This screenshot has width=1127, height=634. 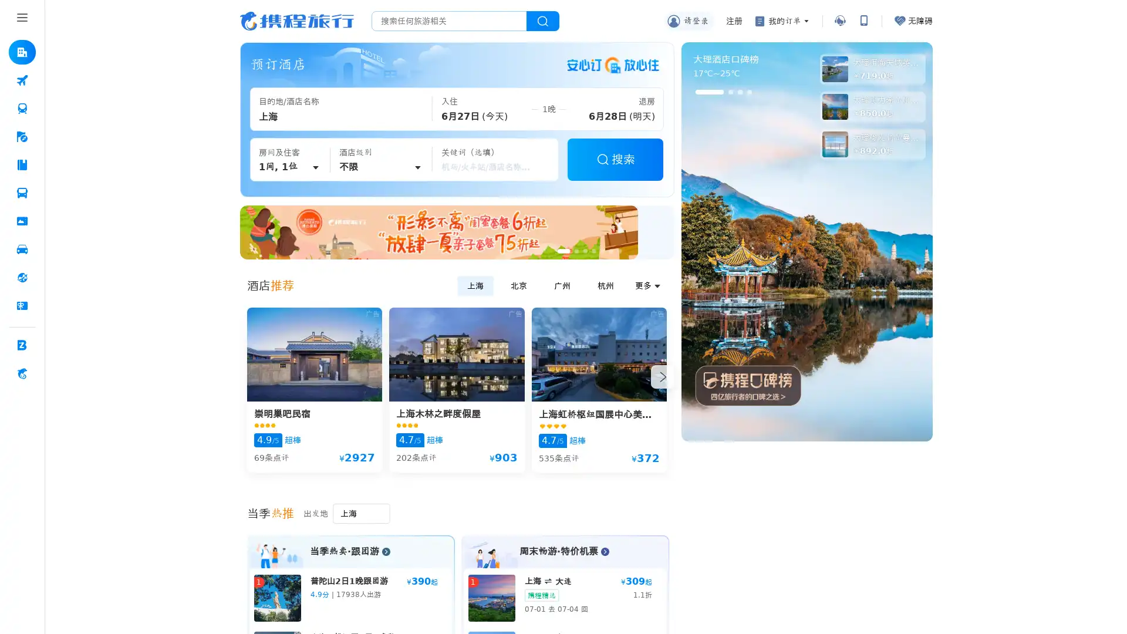 I want to click on Go to slide 6, so click(x=644, y=255).